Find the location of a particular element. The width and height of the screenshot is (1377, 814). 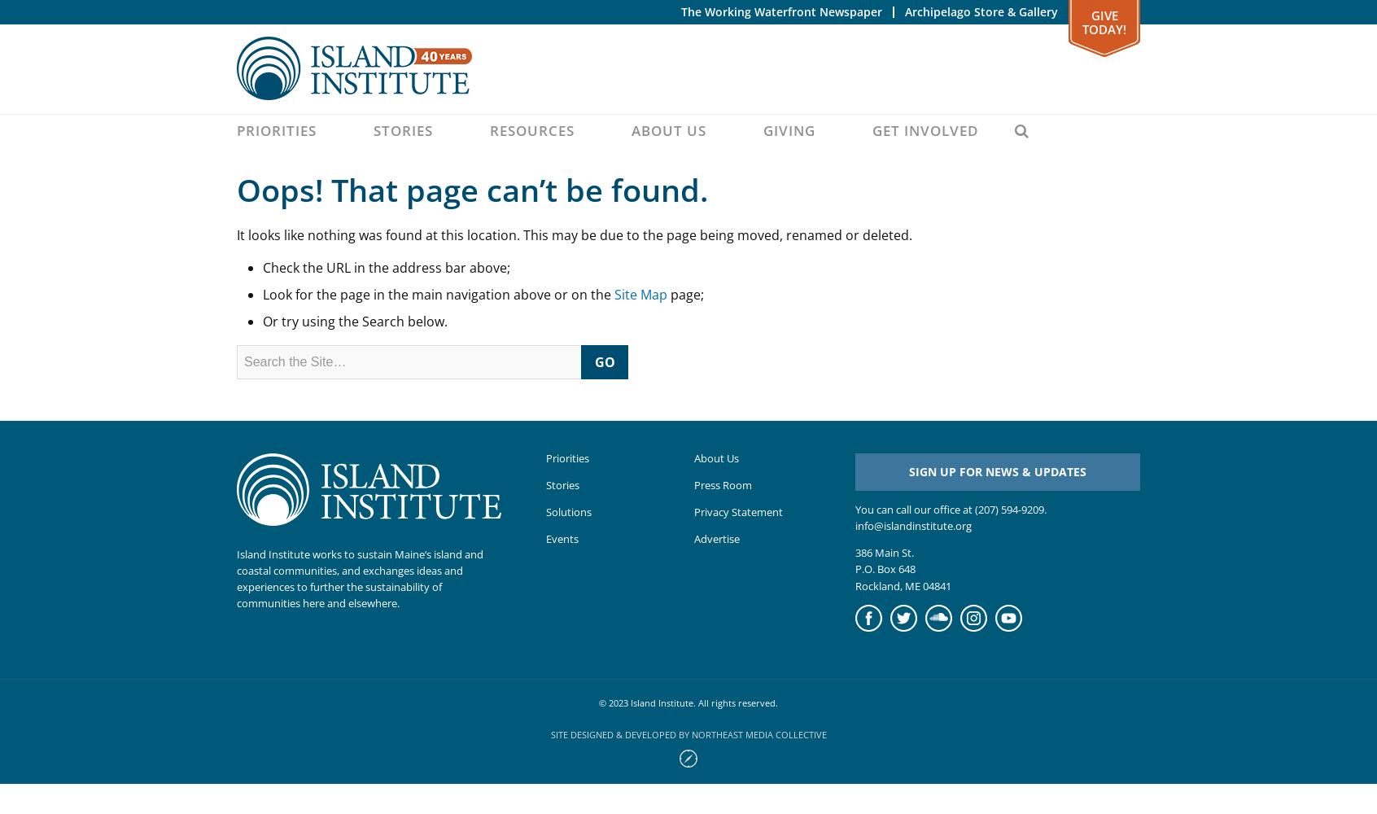

'Privacy Statement' is located at coordinates (737, 511).